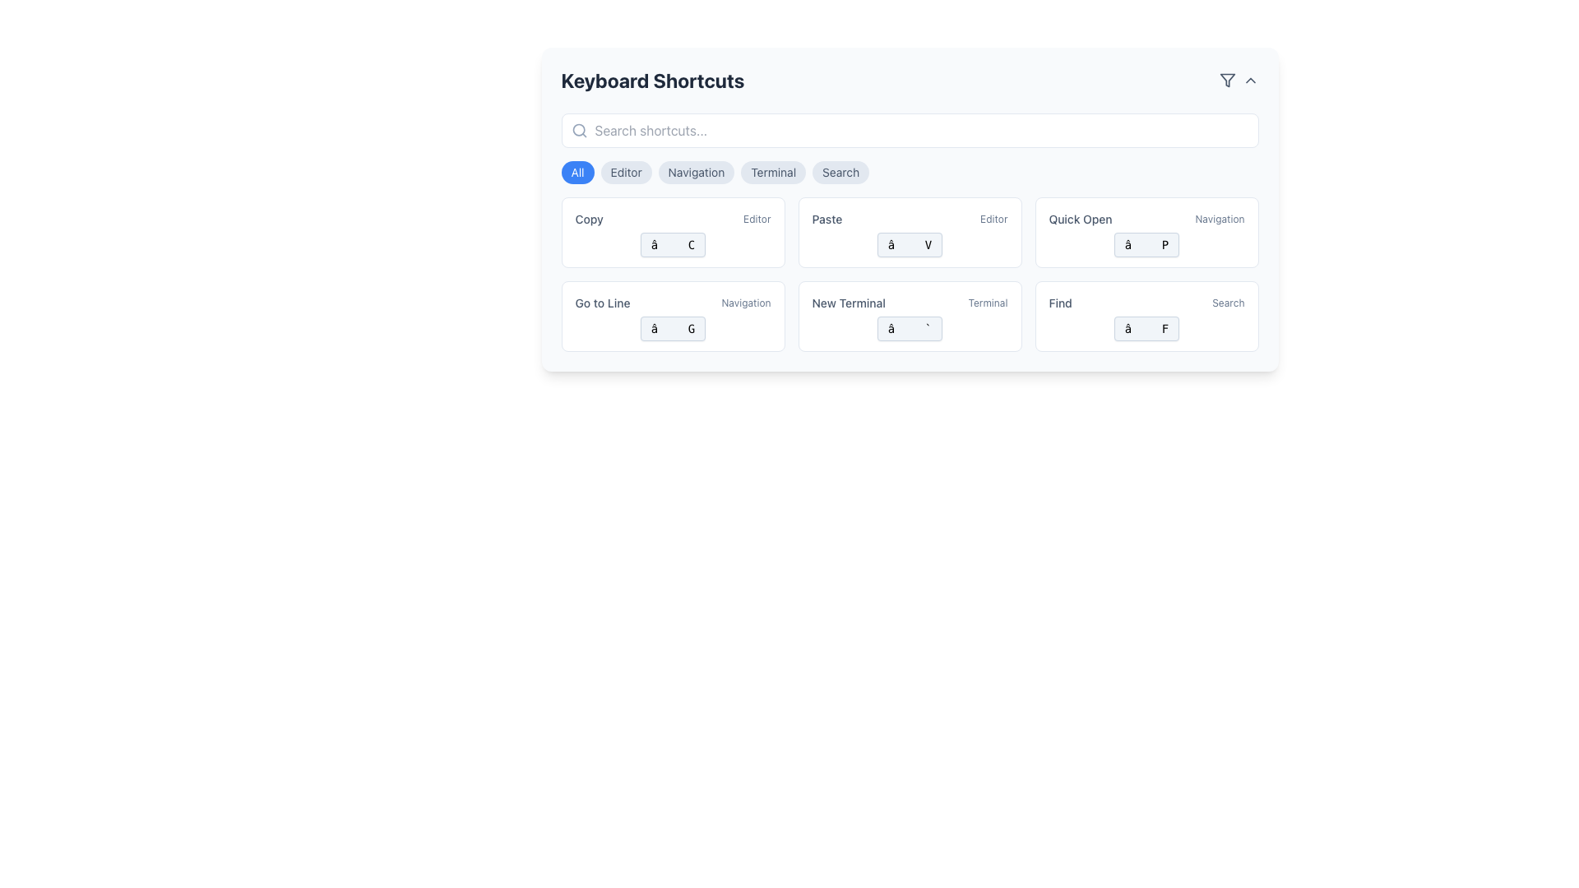  Describe the element at coordinates (578, 129) in the screenshot. I see `the small circular SVG element styled as part of a magnifying glass icon, located in the top-left corner of the search bar interface` at that location.